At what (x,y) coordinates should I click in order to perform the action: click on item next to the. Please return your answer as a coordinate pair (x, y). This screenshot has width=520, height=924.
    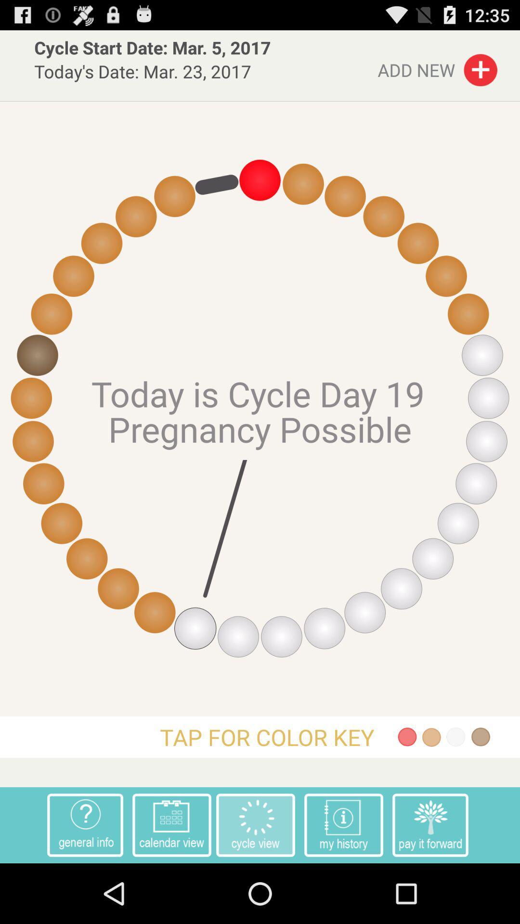
    Looking at the image, I should click on (343, 824).